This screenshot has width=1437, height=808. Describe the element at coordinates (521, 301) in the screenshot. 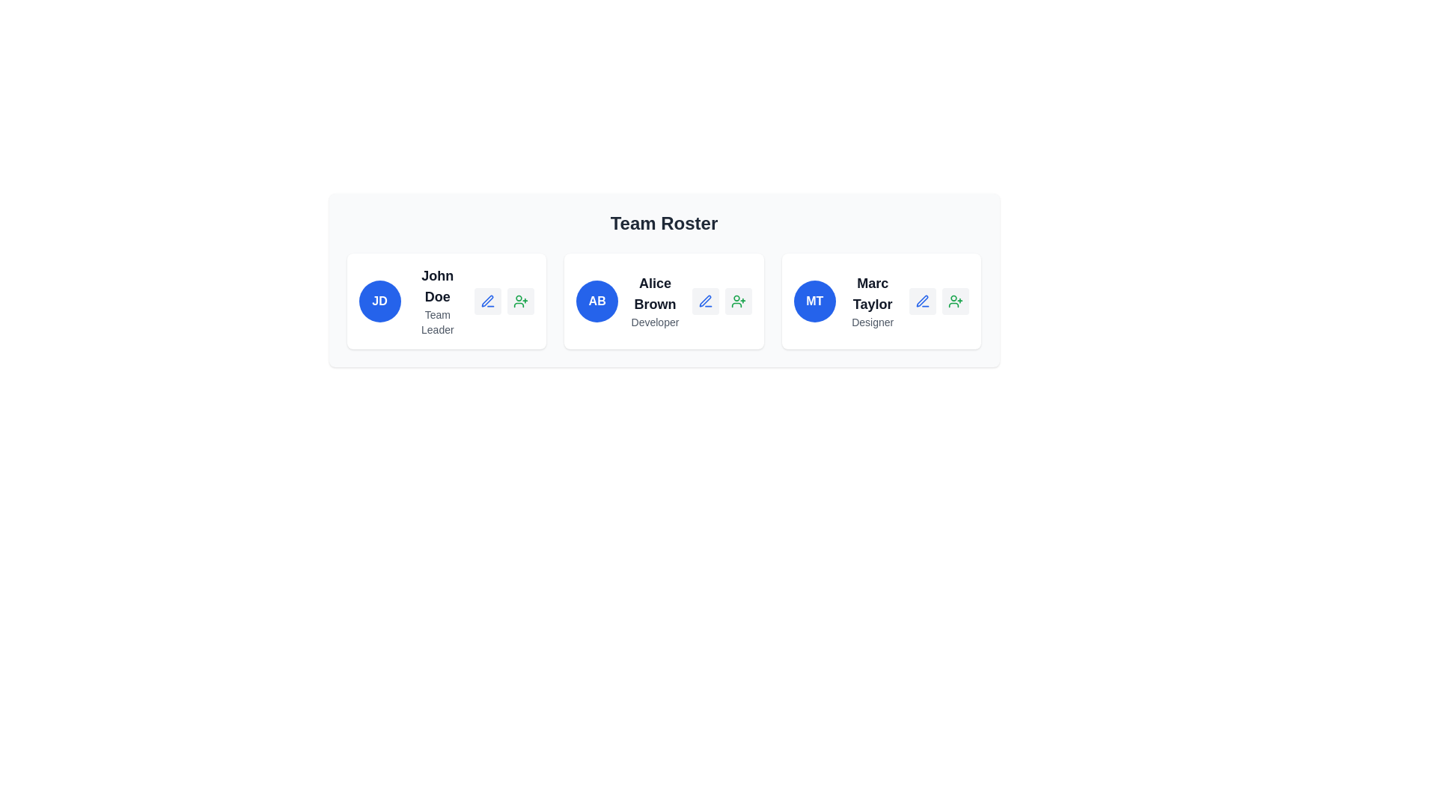

I see `the user icon with a plus sign, which is located to the right of 'John Doe' and below the 'Team Roster' header` at that location.